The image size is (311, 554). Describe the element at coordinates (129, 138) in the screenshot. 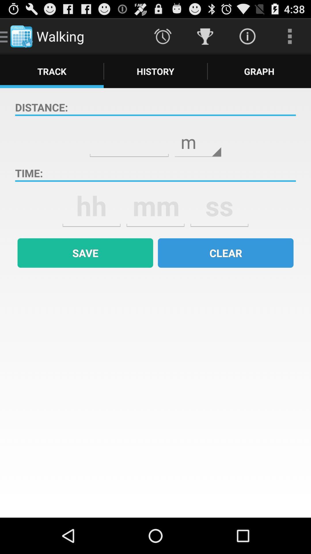

I see `type in number` at that location.